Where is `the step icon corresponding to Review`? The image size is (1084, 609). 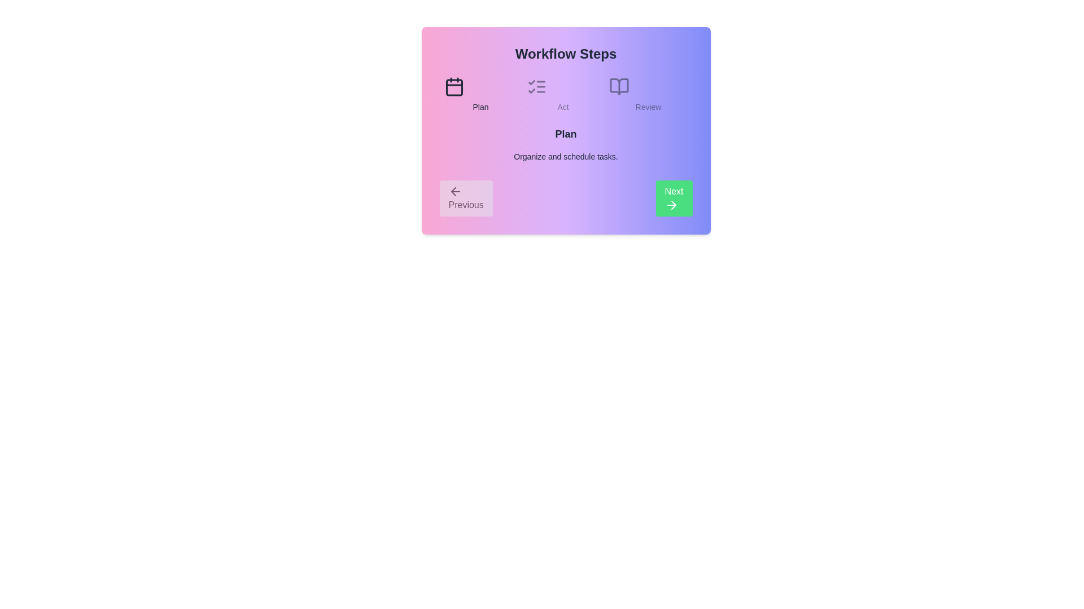
the step icon corresponding to Review is located at coordinates (618, 86).